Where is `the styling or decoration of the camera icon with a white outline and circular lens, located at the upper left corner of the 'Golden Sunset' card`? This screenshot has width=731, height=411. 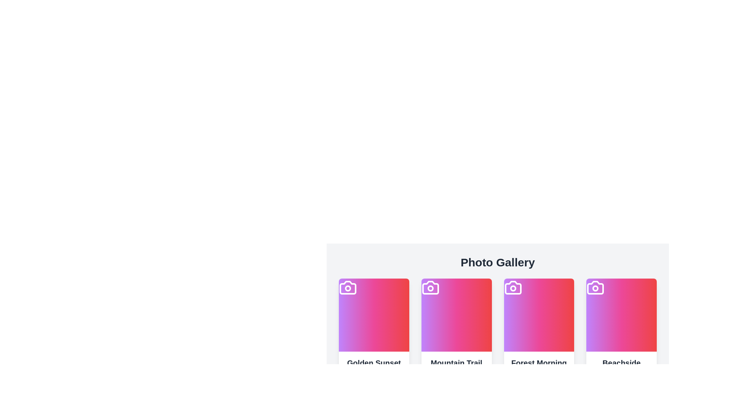
the styling or decoration of the camera icon with a white outline and circular lens, located at the upper left corner of the 'Golden Sunset' card is located at coordinates (347, 288).